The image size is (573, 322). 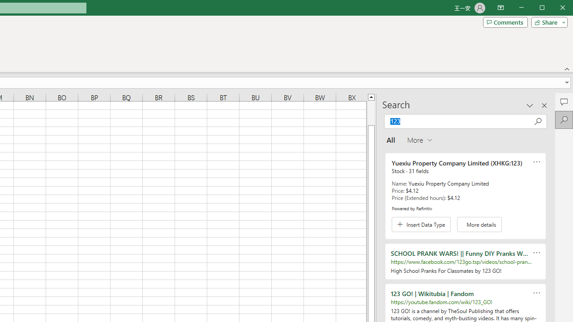 What do you see at coordinates (371, 112) in the screenshot?
I see `'Page up'` at bounding box center [371, 112].